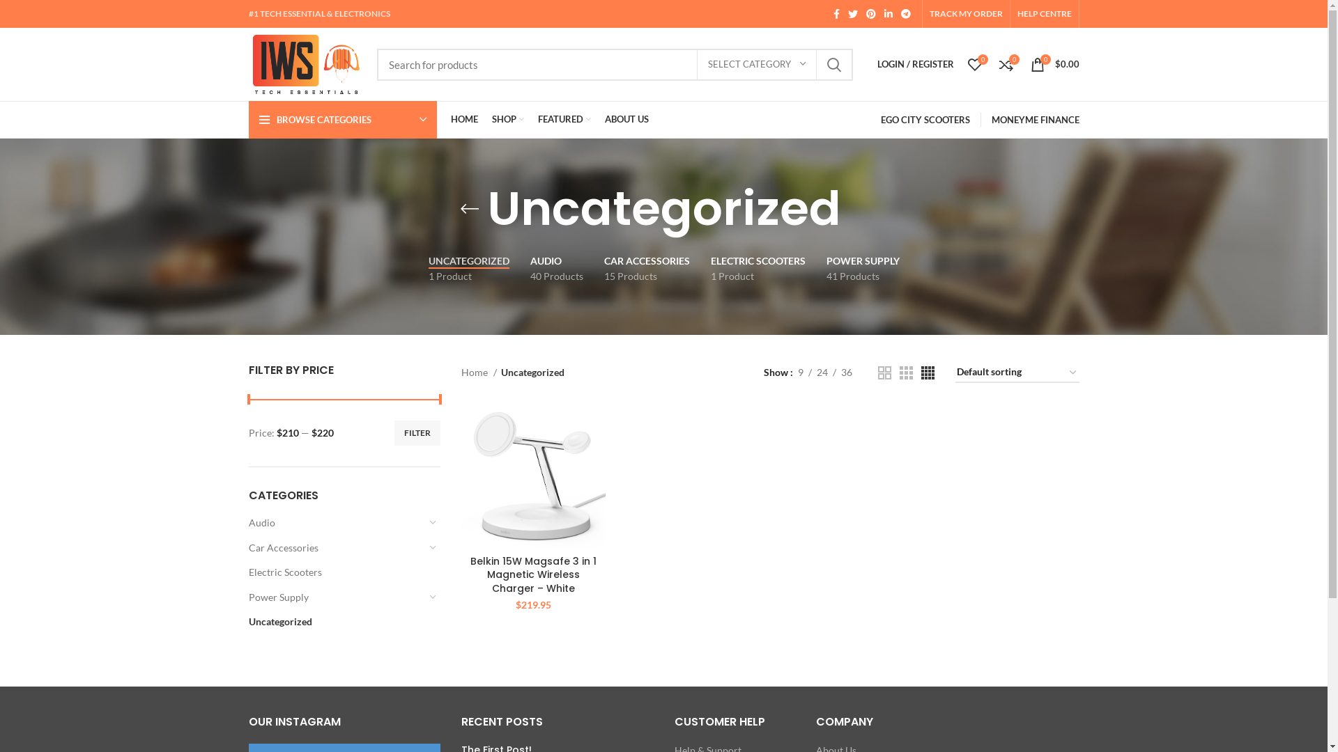  Describe the element at coordinates (925, 119) in the screenshot. I see `'EGO CITY SCOOTERS'` at that location.